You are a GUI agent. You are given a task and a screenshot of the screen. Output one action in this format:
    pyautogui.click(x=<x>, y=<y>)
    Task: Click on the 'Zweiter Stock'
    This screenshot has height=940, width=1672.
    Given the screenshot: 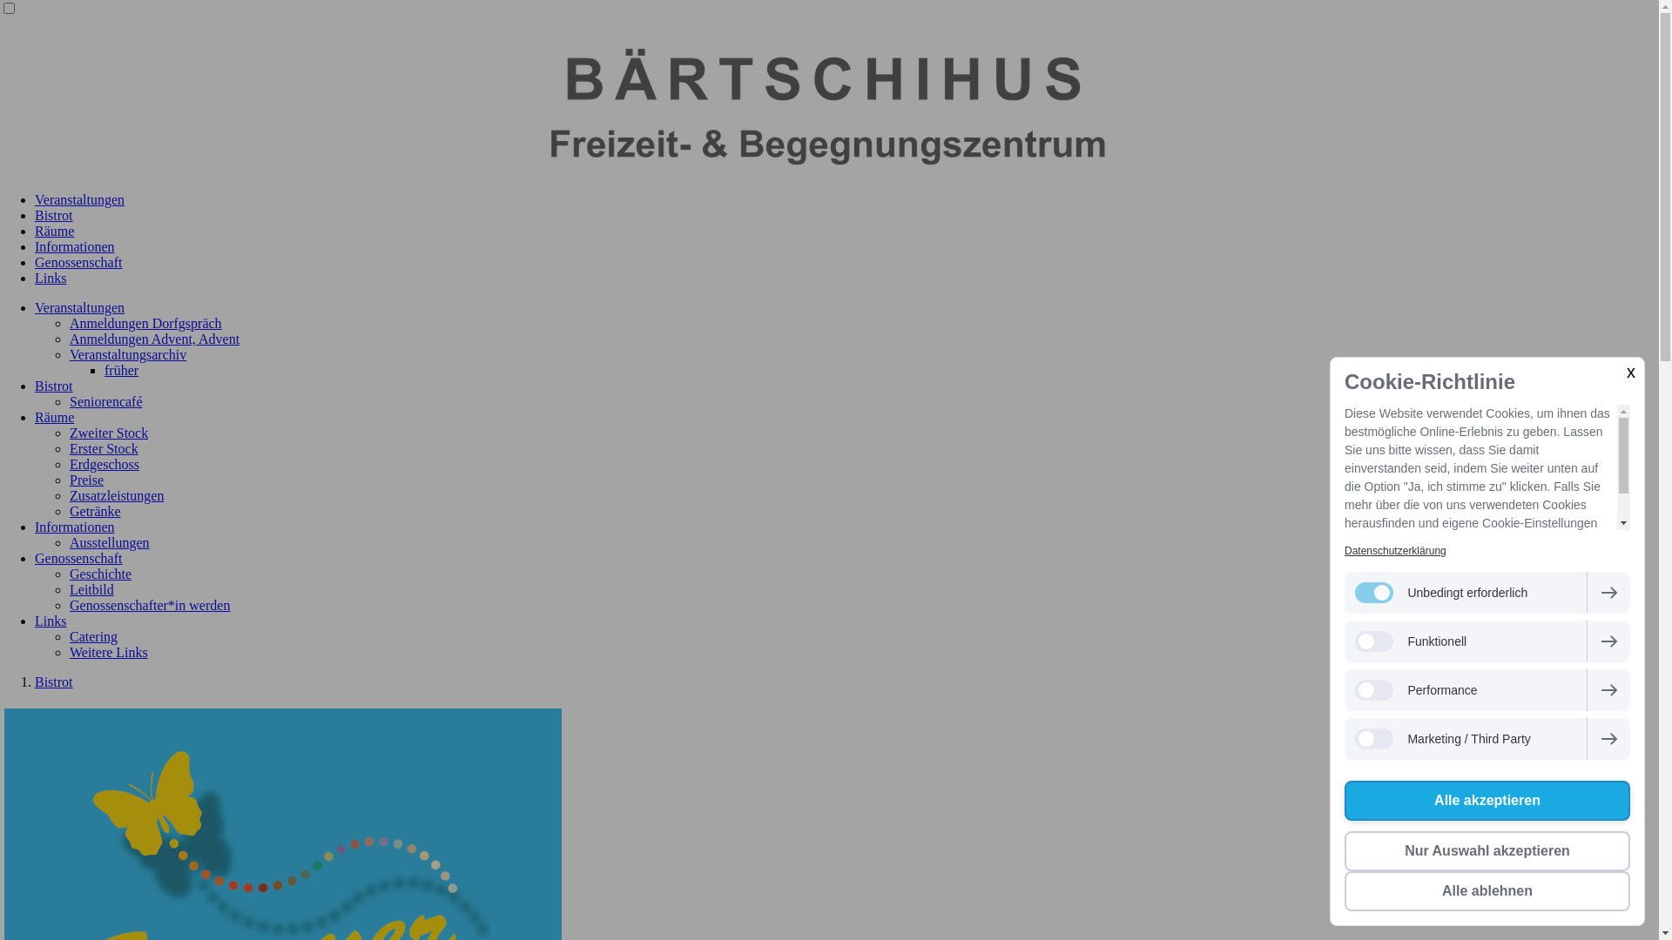 What is the action you would take?
    pyautogui.click(x=107, y=432)
    